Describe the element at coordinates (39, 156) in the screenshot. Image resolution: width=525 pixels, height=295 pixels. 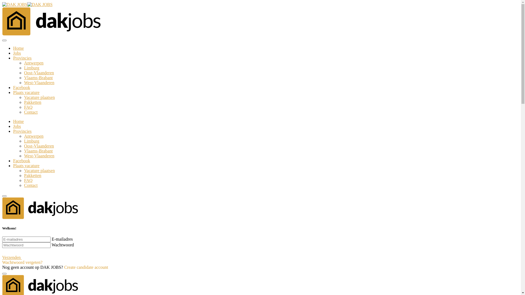
I see `'West-Vlaanderen'` at that location.